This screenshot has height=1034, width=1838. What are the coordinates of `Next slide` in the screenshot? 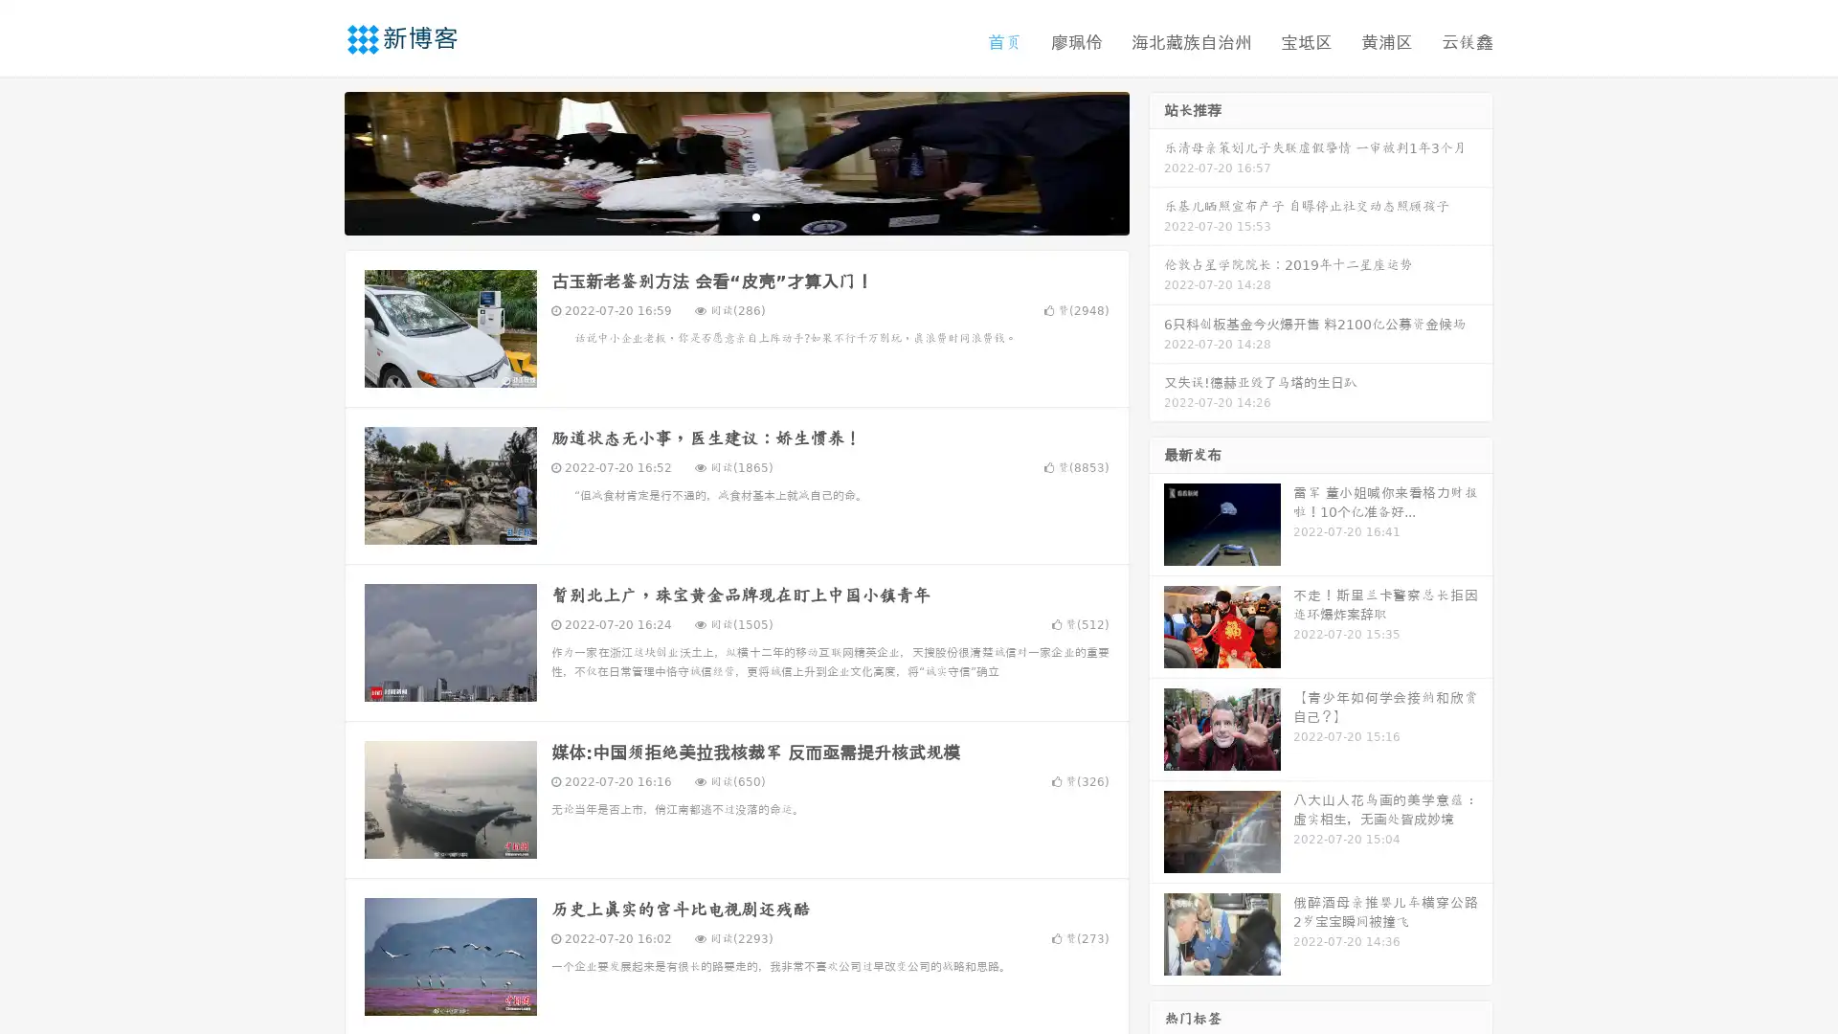 It's located at (1156, 161).